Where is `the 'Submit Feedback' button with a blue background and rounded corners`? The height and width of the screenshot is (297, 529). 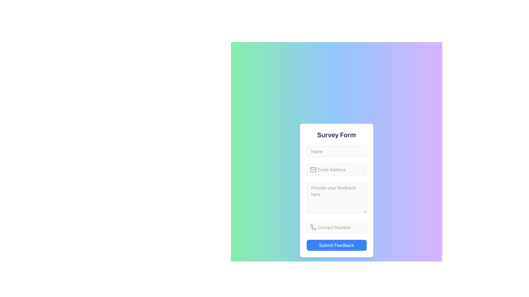
the 'Submit Feedback' button with a blue background and rounded corners is located at coordinates (336, 245).